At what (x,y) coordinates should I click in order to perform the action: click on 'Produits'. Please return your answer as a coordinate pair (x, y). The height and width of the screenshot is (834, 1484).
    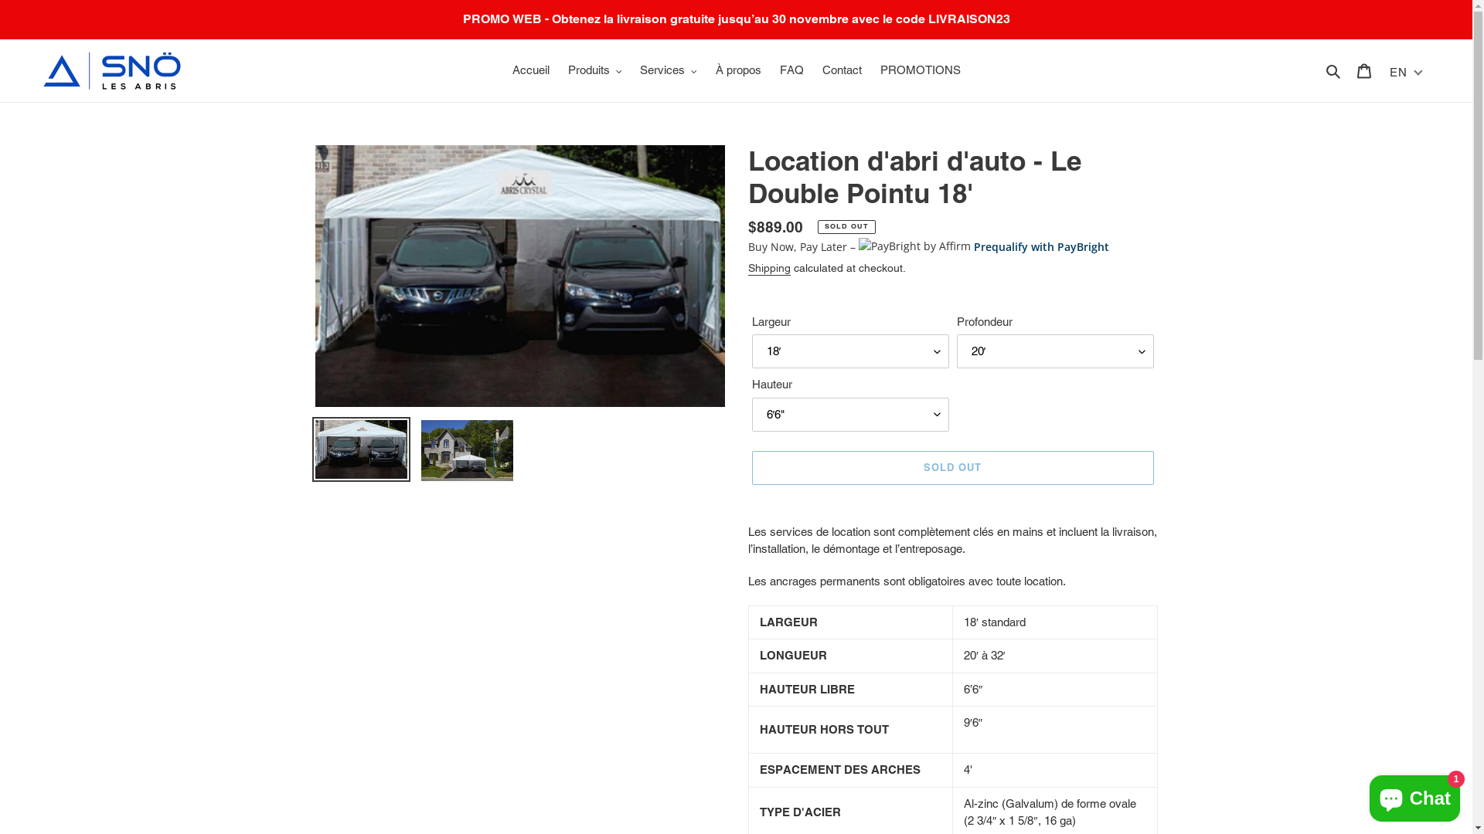
    Looking at the image, I should click on (593, 70).